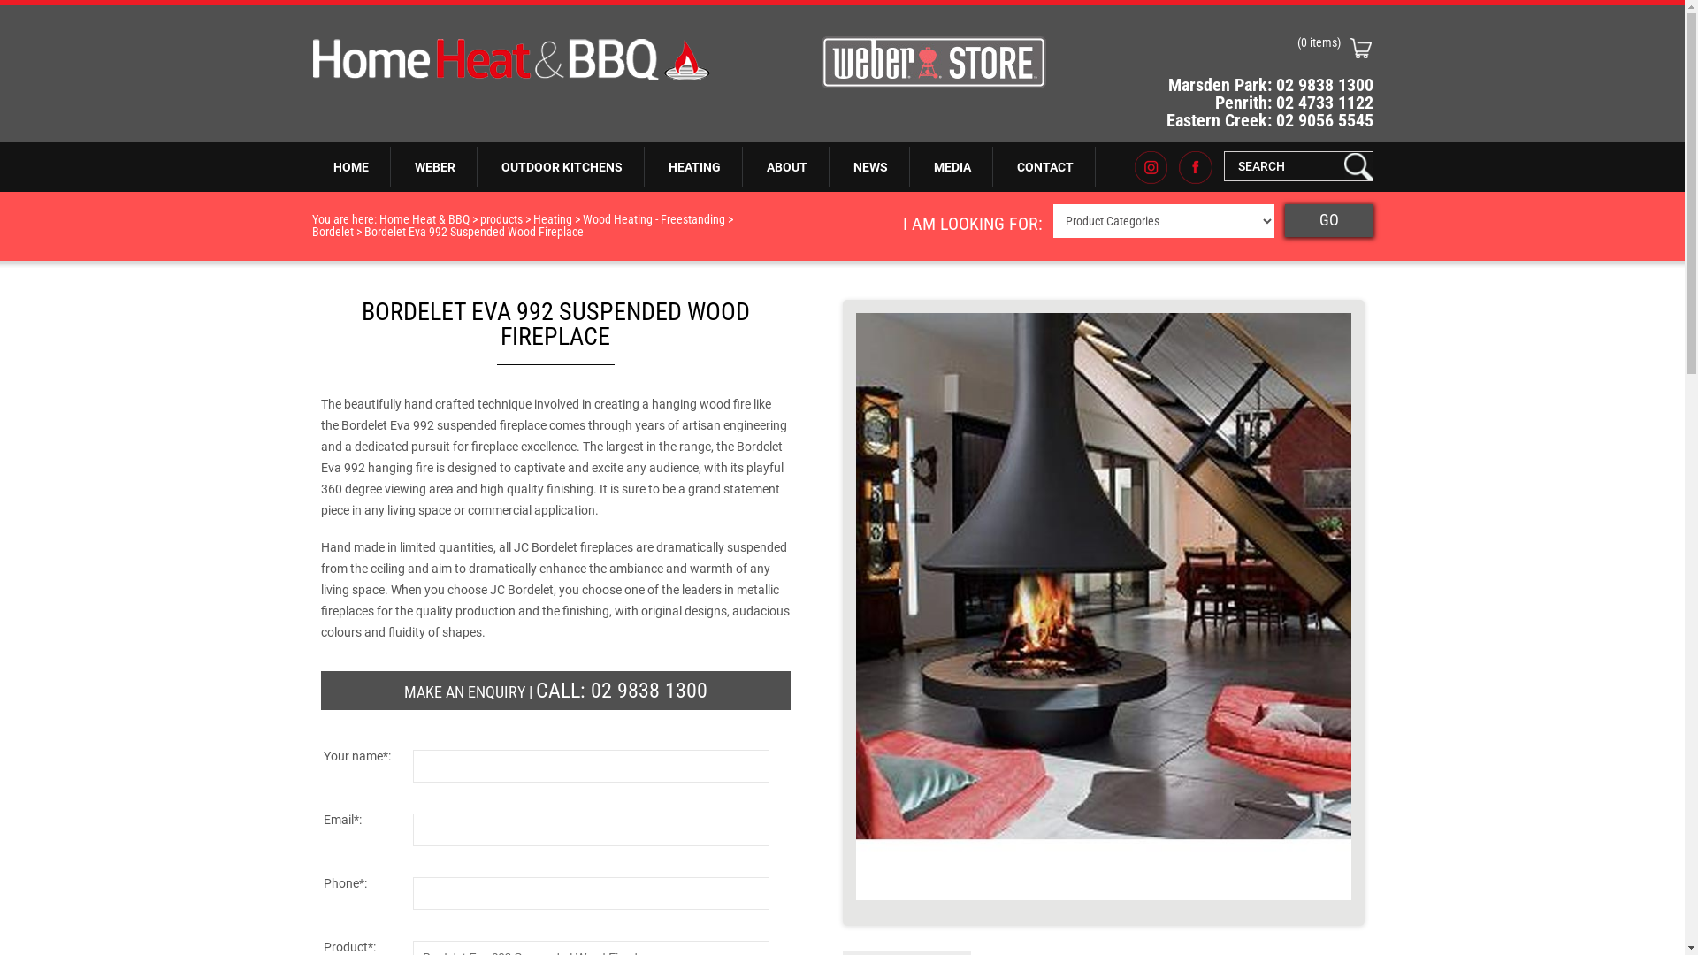 Image resolution: width=1698 pixels, height=955 pixels. I want to click on '(0 items)', so click(1249, 47).